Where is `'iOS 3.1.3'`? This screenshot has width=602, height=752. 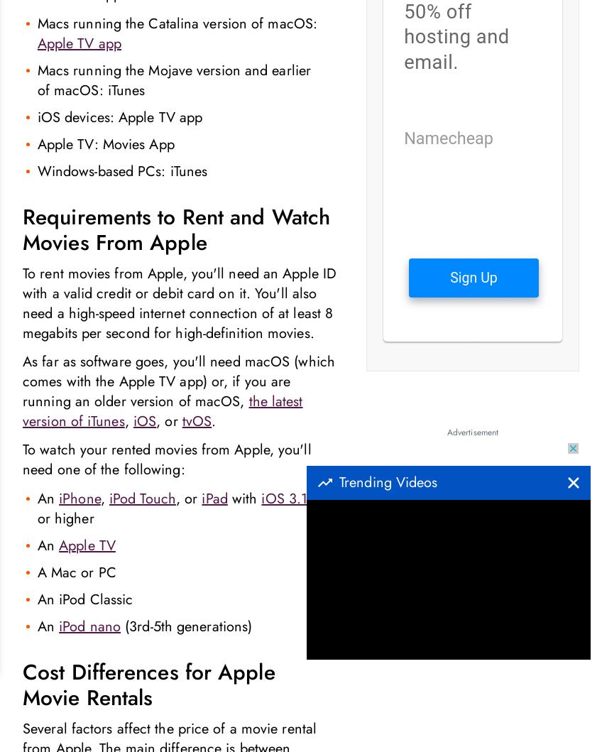 'iOS 3.1.3' is located at coordinates (290, 498).